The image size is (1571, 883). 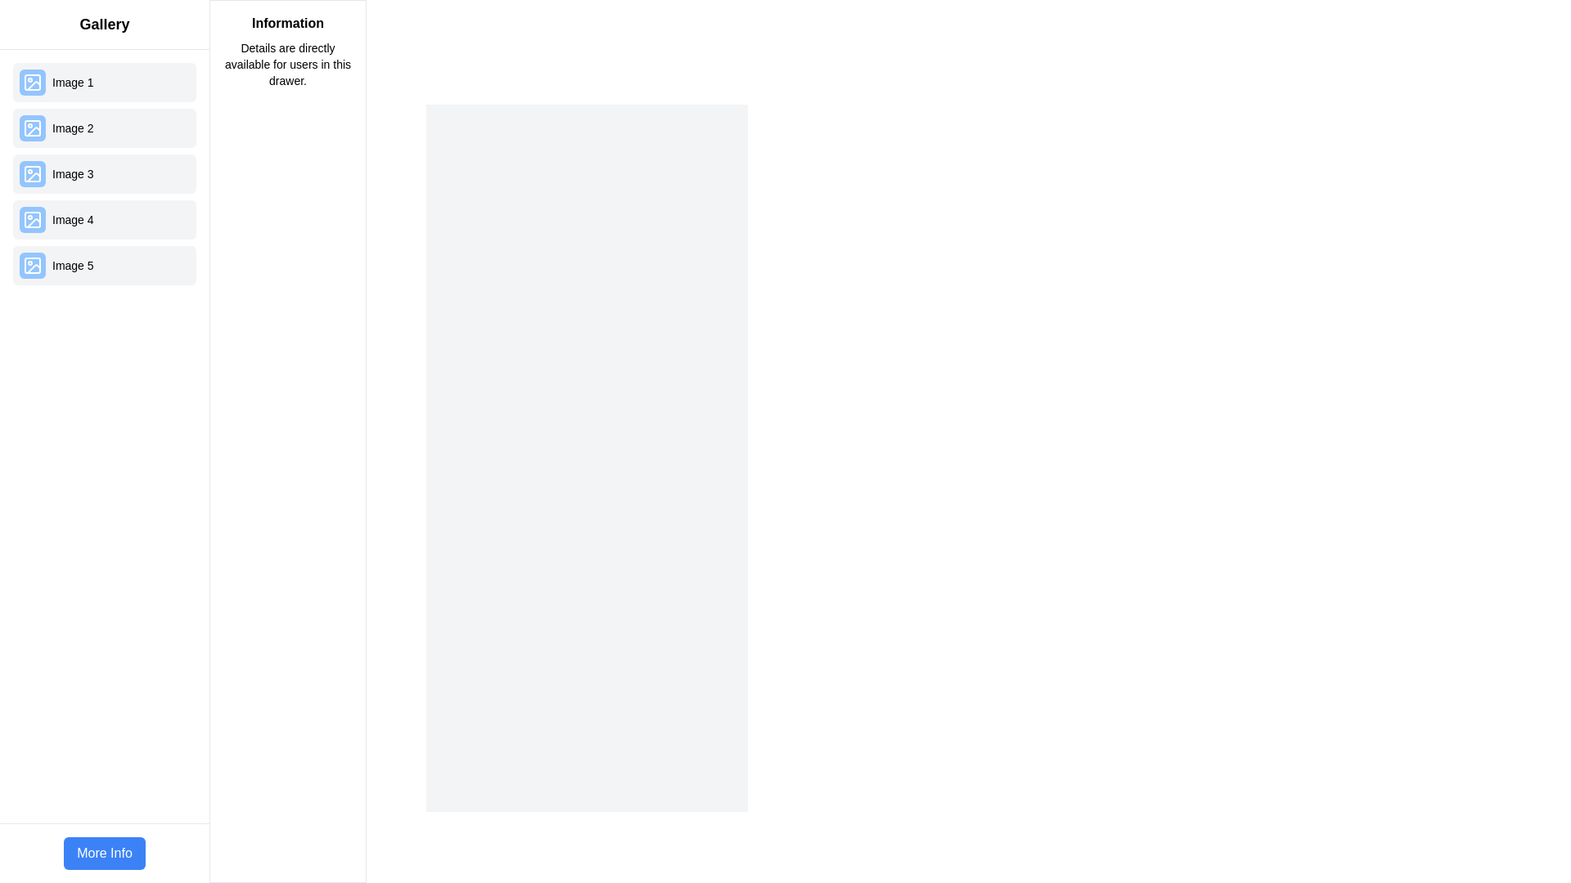 I want to click on the decorative rectangle with rounded corners that is located within the second item of the vertical list in the 'Gallery' section, which is represented by a graphical image icon, so click(x=32, y=128).